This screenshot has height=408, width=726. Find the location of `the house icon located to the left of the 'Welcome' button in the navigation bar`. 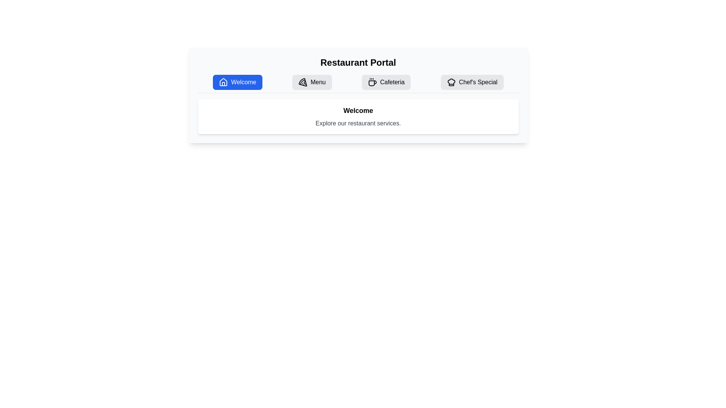

the house icon located to the left of the 'Welcome' button in the navigation bar is located at coordinates (223, 82).